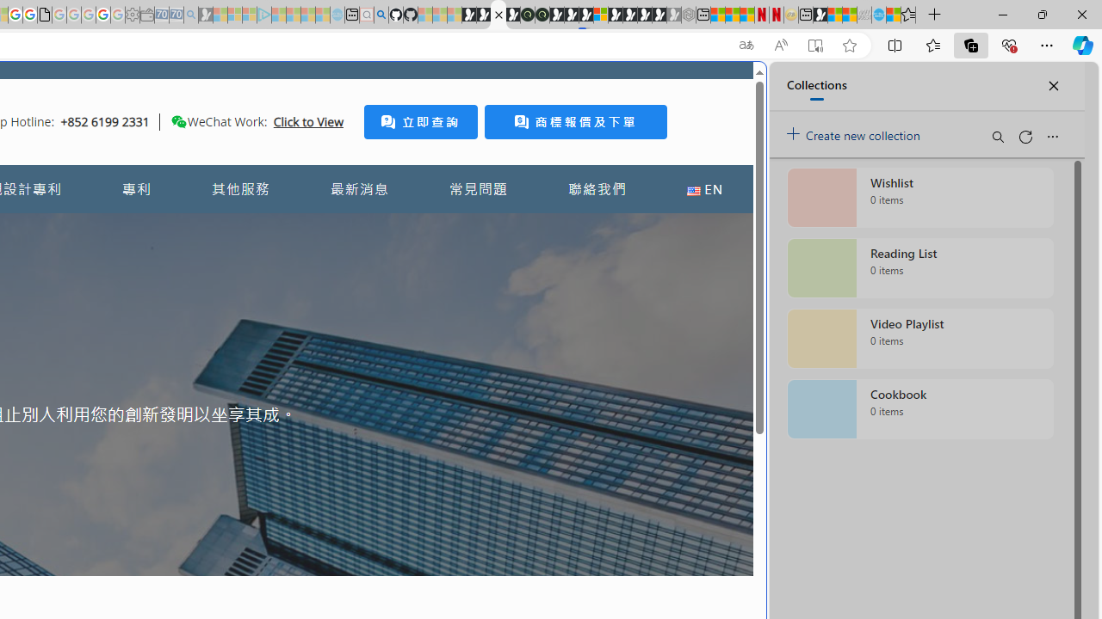  What do you see at coordinates (176, 15) in the screenshot?
I see `'Cheap Car Rentals - Save70.com - Sleeping'` at bounding box center [176, 15].